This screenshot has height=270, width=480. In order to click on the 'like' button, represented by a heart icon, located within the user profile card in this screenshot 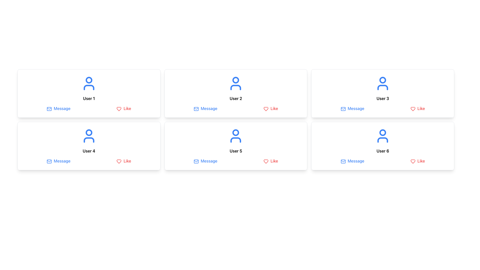, I will do `click(119, 108)`.